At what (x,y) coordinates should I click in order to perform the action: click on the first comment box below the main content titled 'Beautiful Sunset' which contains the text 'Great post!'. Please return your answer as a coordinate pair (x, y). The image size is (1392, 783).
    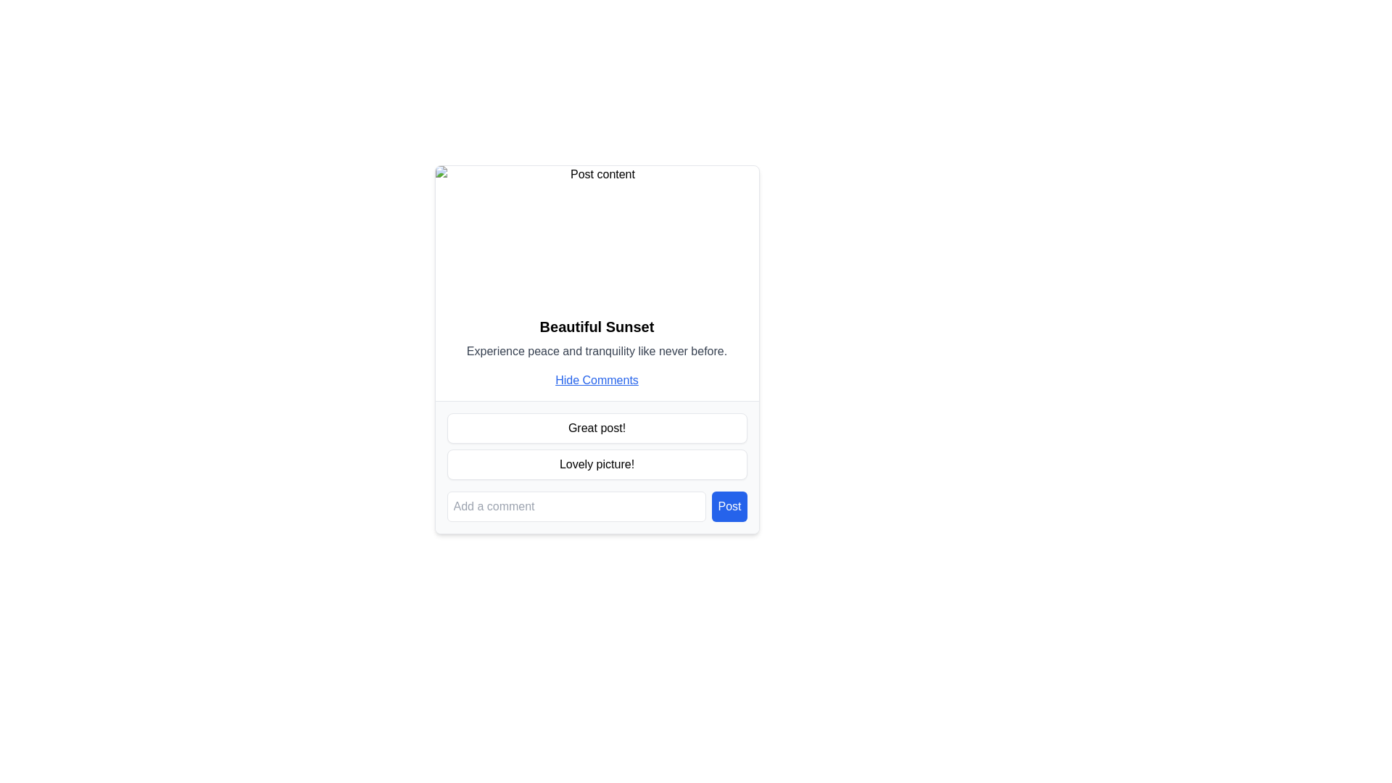
    Looking at the image, I should click on (597, 427).